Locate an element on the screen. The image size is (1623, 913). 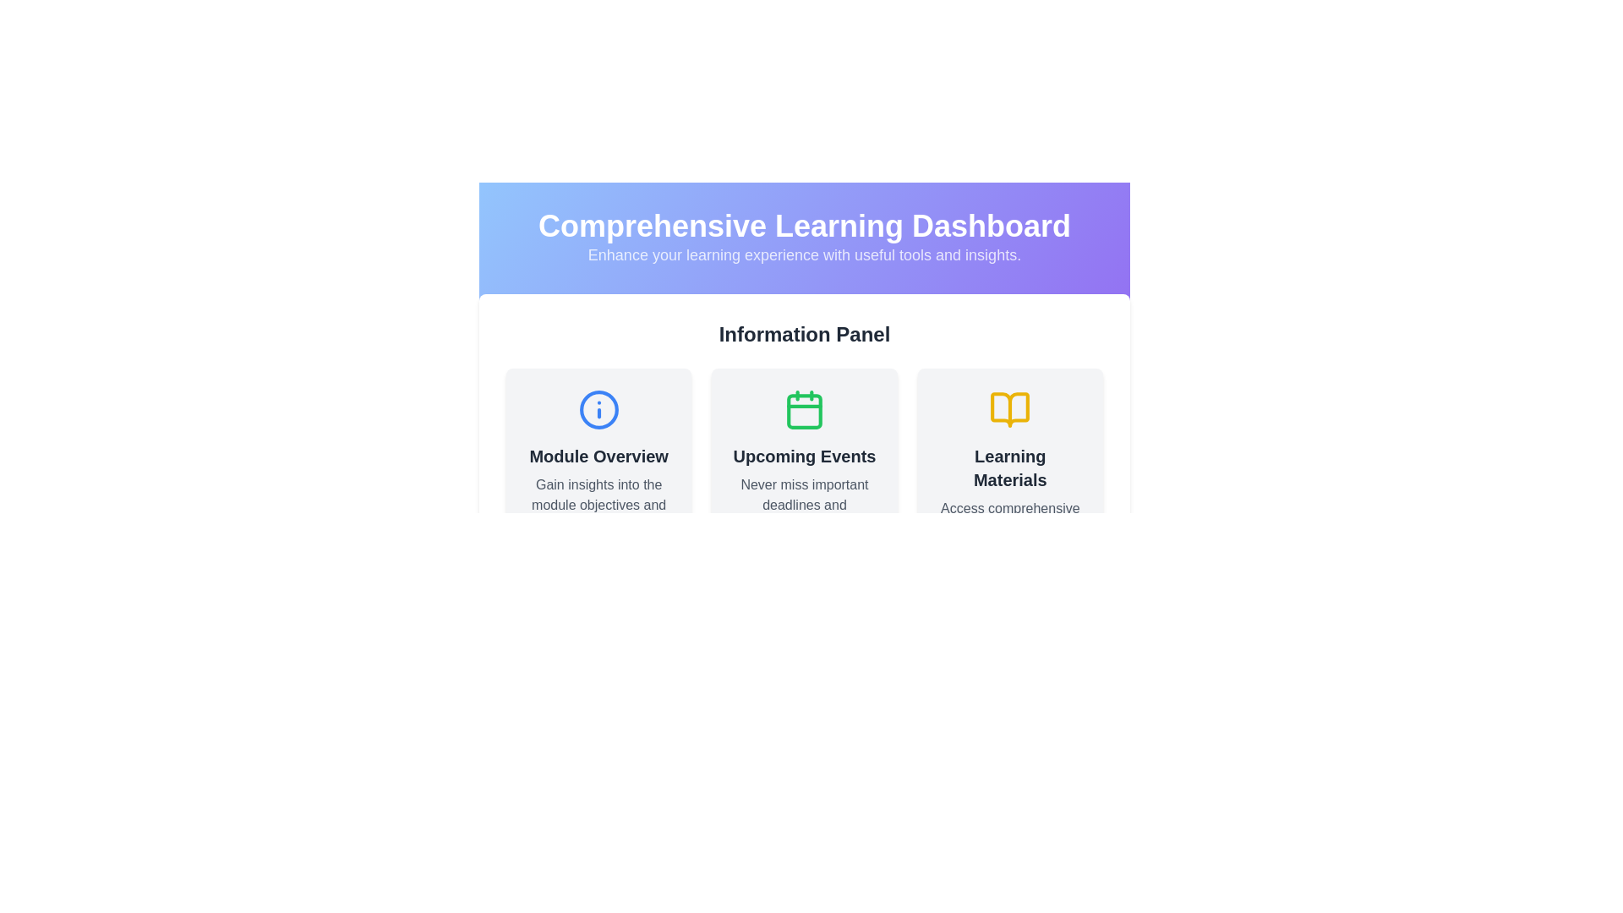
the icon representing the 'Module Overview' section is located at coordinates (598, 410).